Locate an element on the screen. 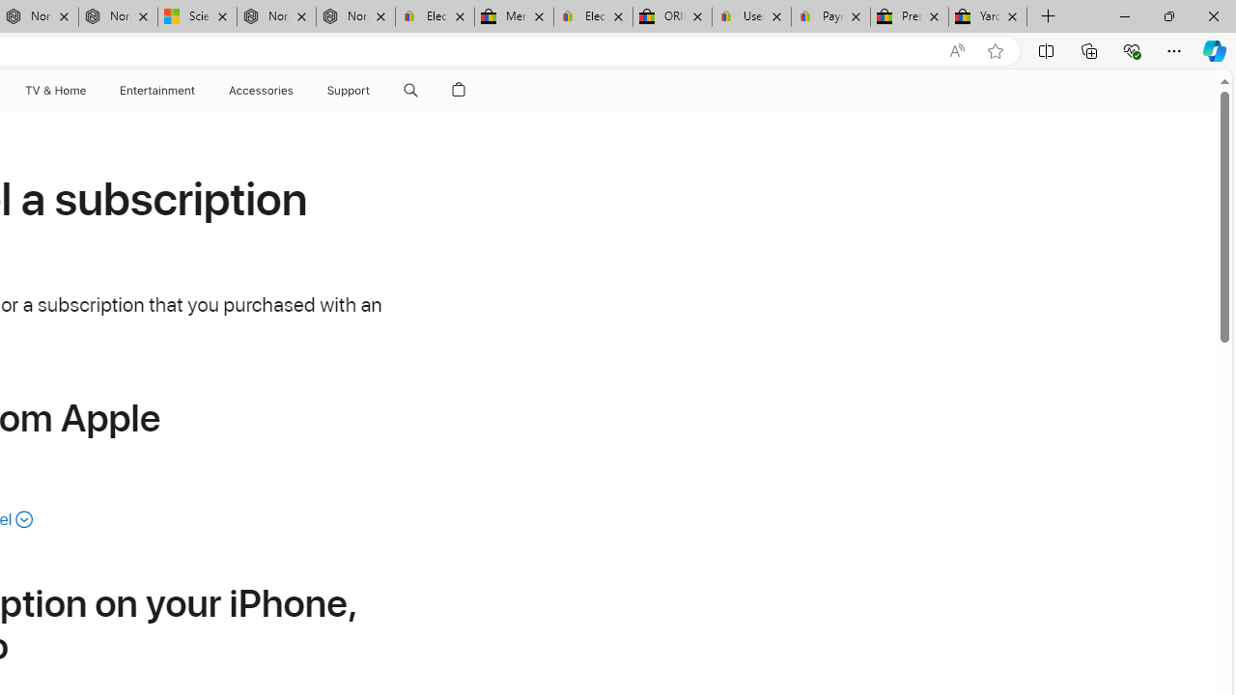 The width and height of the screenshot is (1236, 695). 'Class: globalnav-item globalnav-search shift-0-1' is located at coordinates (409, 90).